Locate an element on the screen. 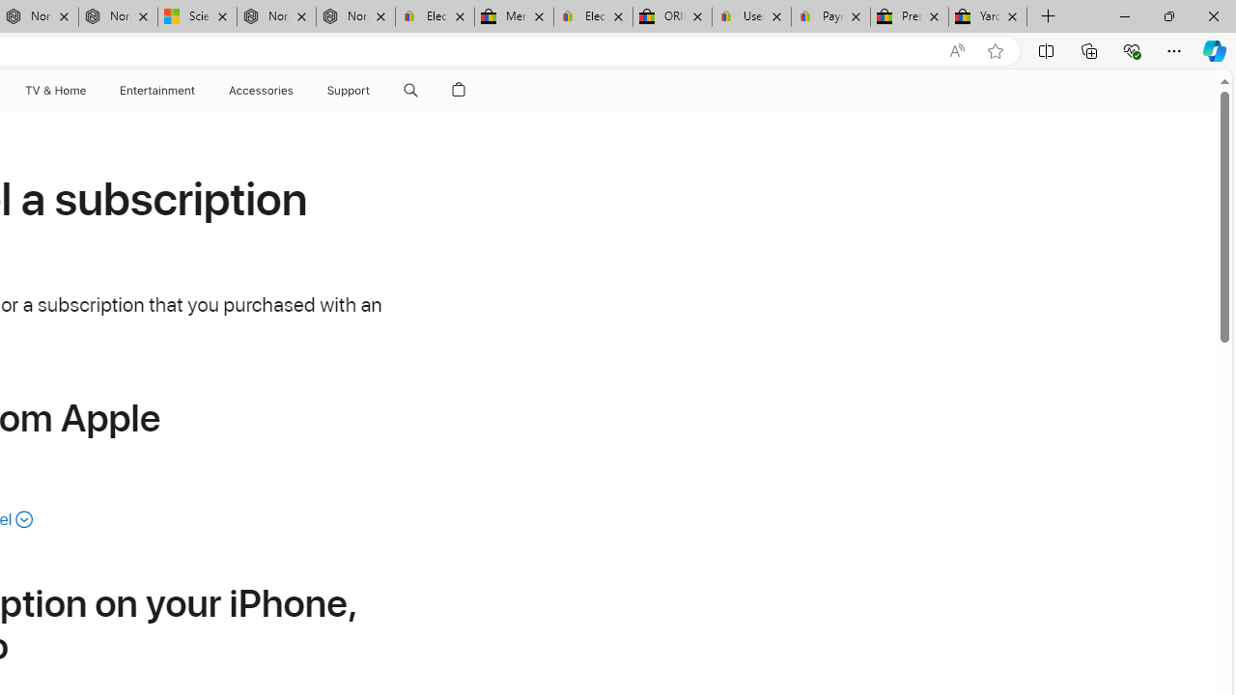 The width and height of the screenshot is (1236, 695). 'Class: globalnav-item globalnav-search shift-0-1' is located at coordinates (409, 90).